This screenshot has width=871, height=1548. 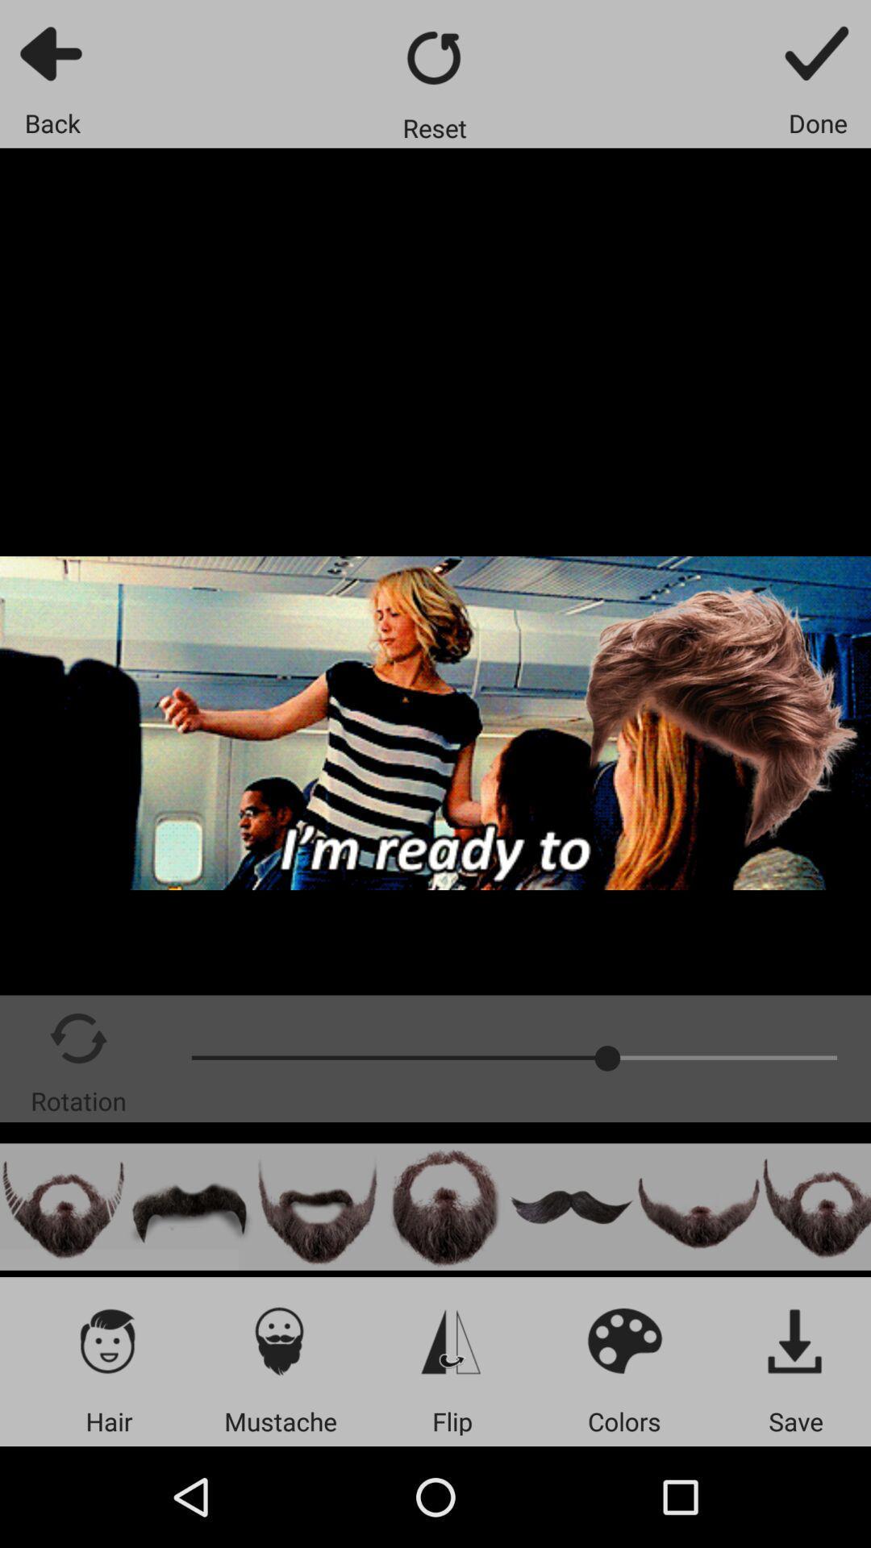 What do you see at coordinates (109, 1340) in the screenshot?
I see `the app above the hair item` at bounding box center [109, 1340].